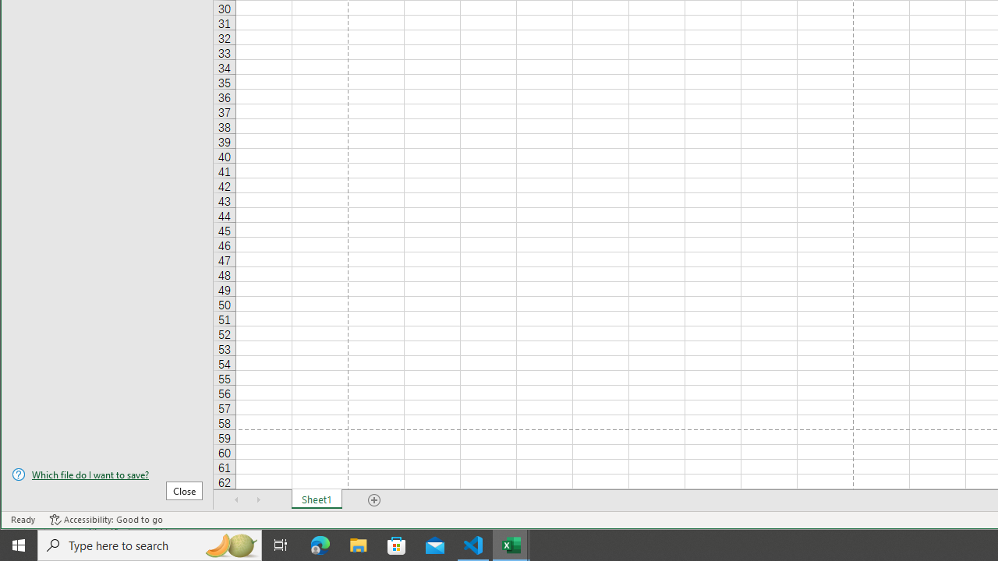 The height and width of the screenshot is (561, 998). Describe the element at coordinates (280, 544) in the screenshot. I see `'Task View'` at that location.